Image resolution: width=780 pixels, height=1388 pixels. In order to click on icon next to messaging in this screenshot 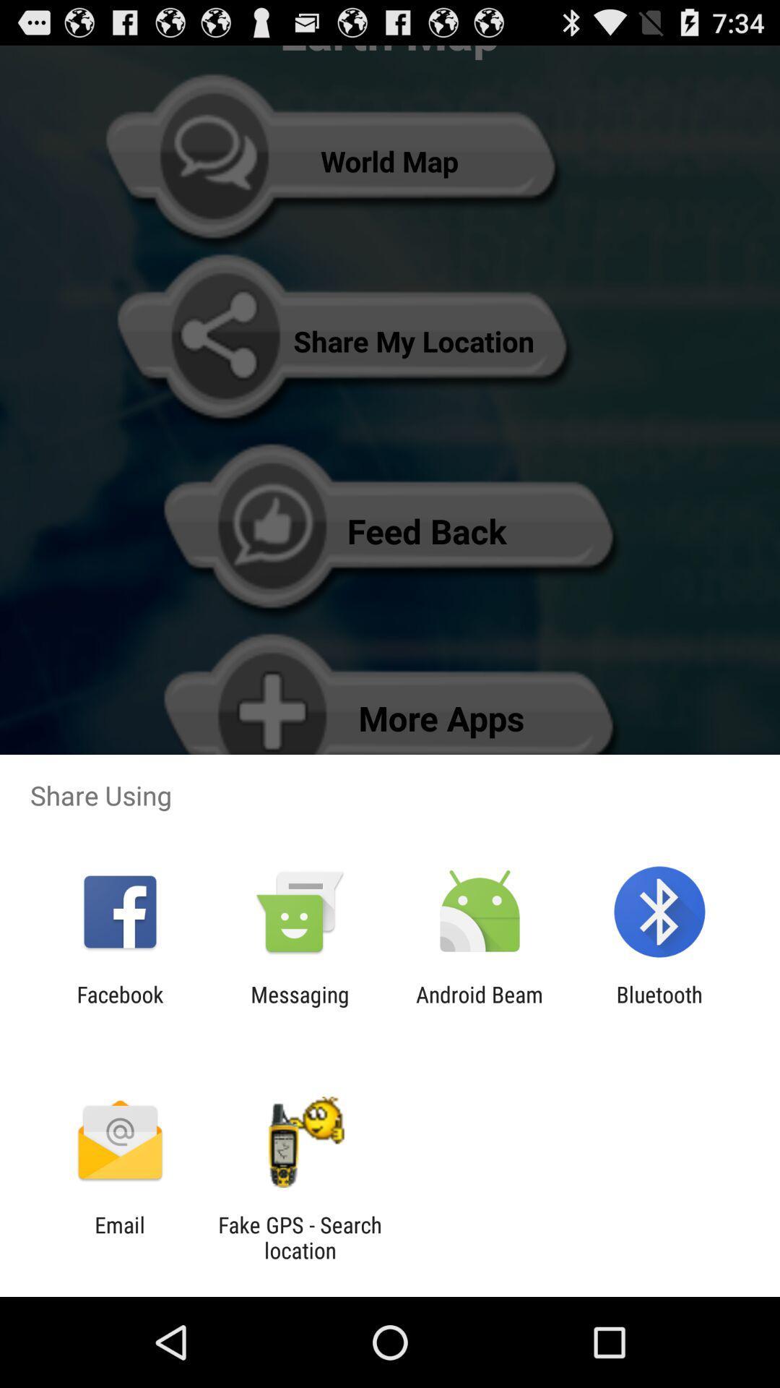, I will do `click(480, 1006)`.